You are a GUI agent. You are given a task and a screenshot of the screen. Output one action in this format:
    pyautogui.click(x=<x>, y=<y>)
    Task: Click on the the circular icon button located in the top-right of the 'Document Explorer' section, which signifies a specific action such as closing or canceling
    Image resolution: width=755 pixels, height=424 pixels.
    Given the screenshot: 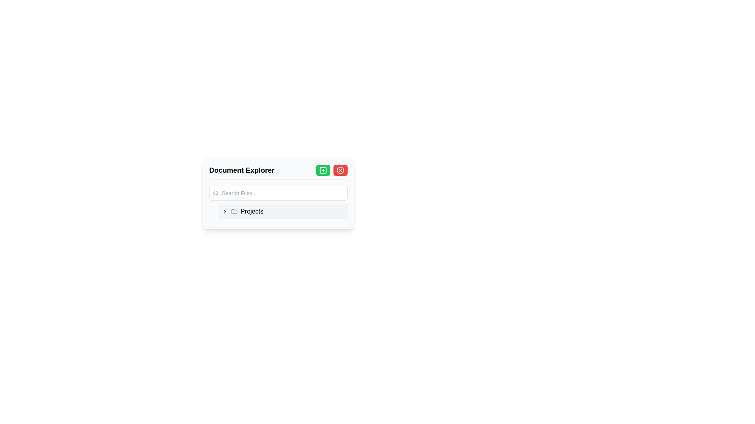 What is the action you would take?
    pyautogui.click(x=340, y=170)
    